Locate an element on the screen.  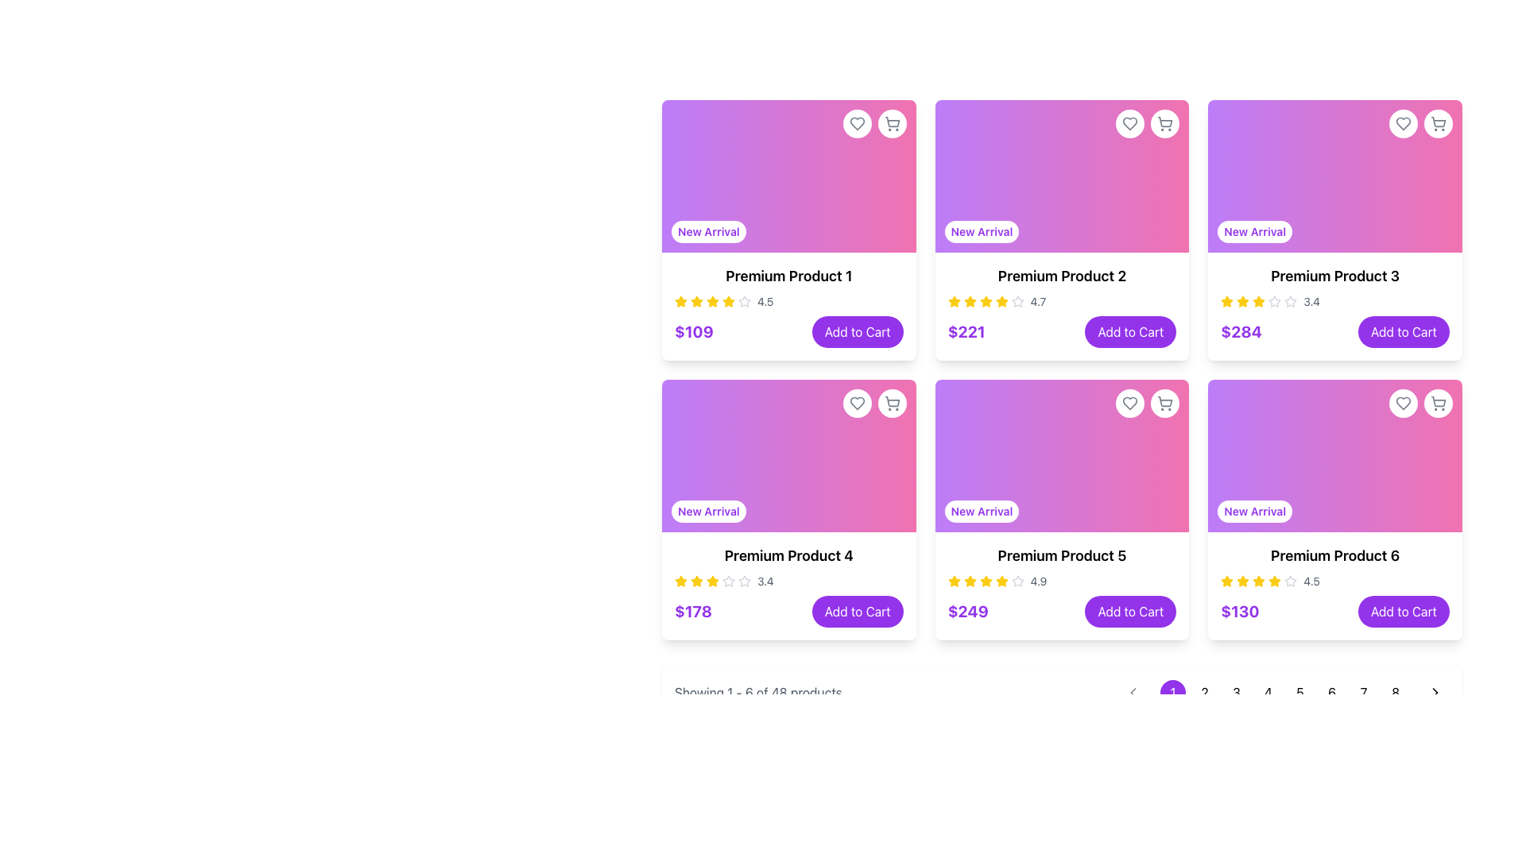
the third star icon in the rating system of the product card labeled 'Premium Product 3' to interact with the rating system is located at coordinates (1275, 301).